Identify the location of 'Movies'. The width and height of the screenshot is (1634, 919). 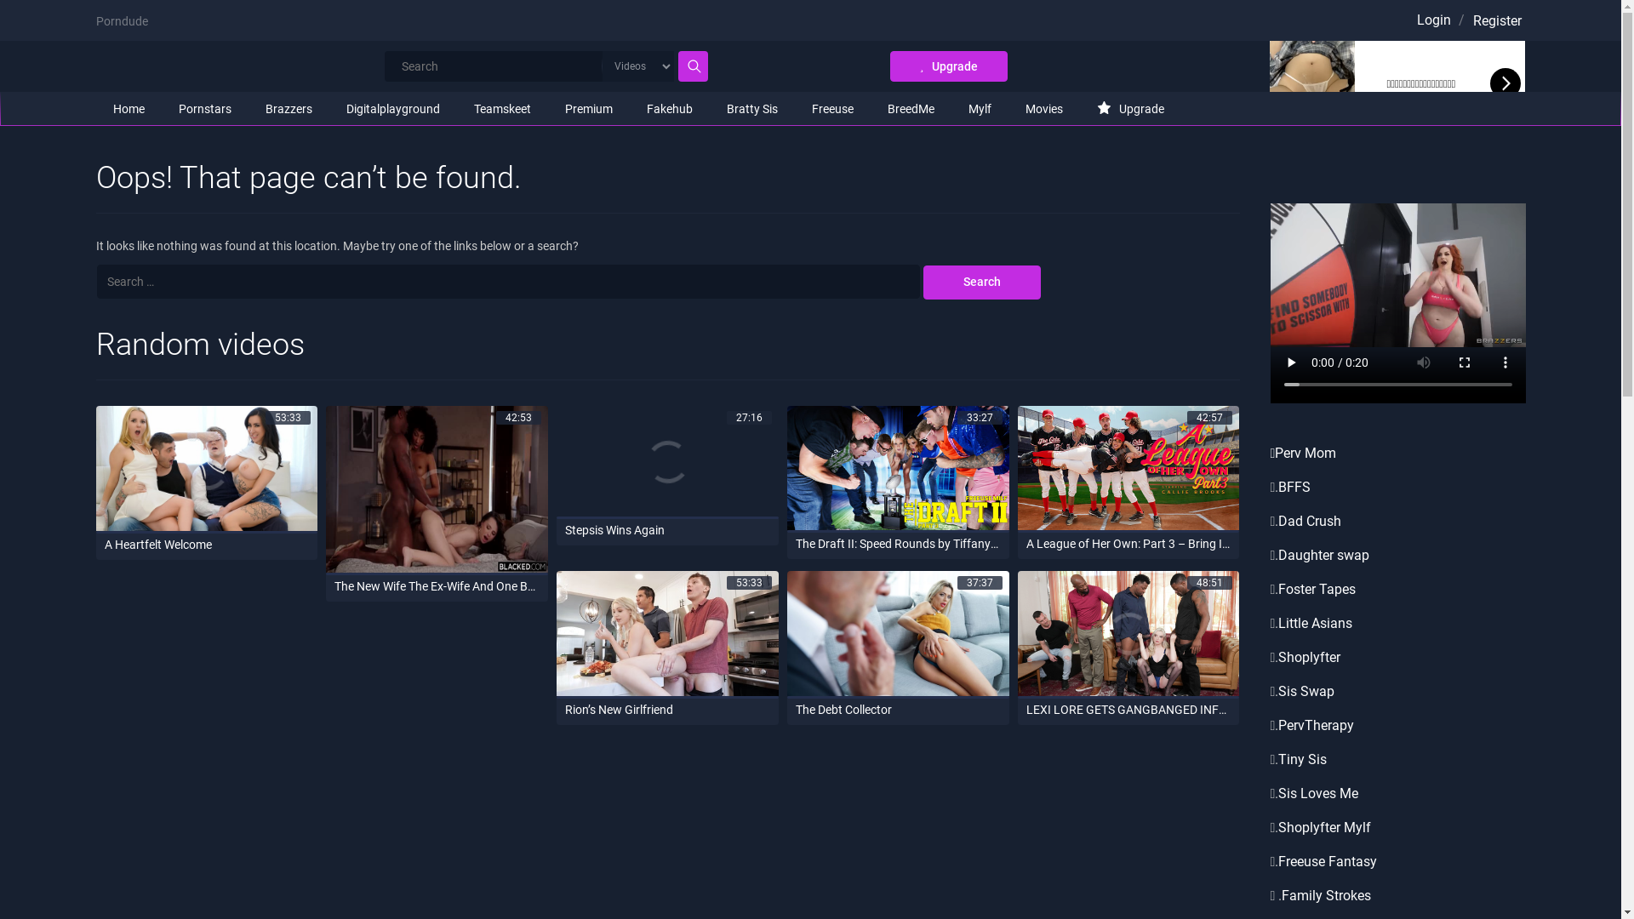
(1042, 108).